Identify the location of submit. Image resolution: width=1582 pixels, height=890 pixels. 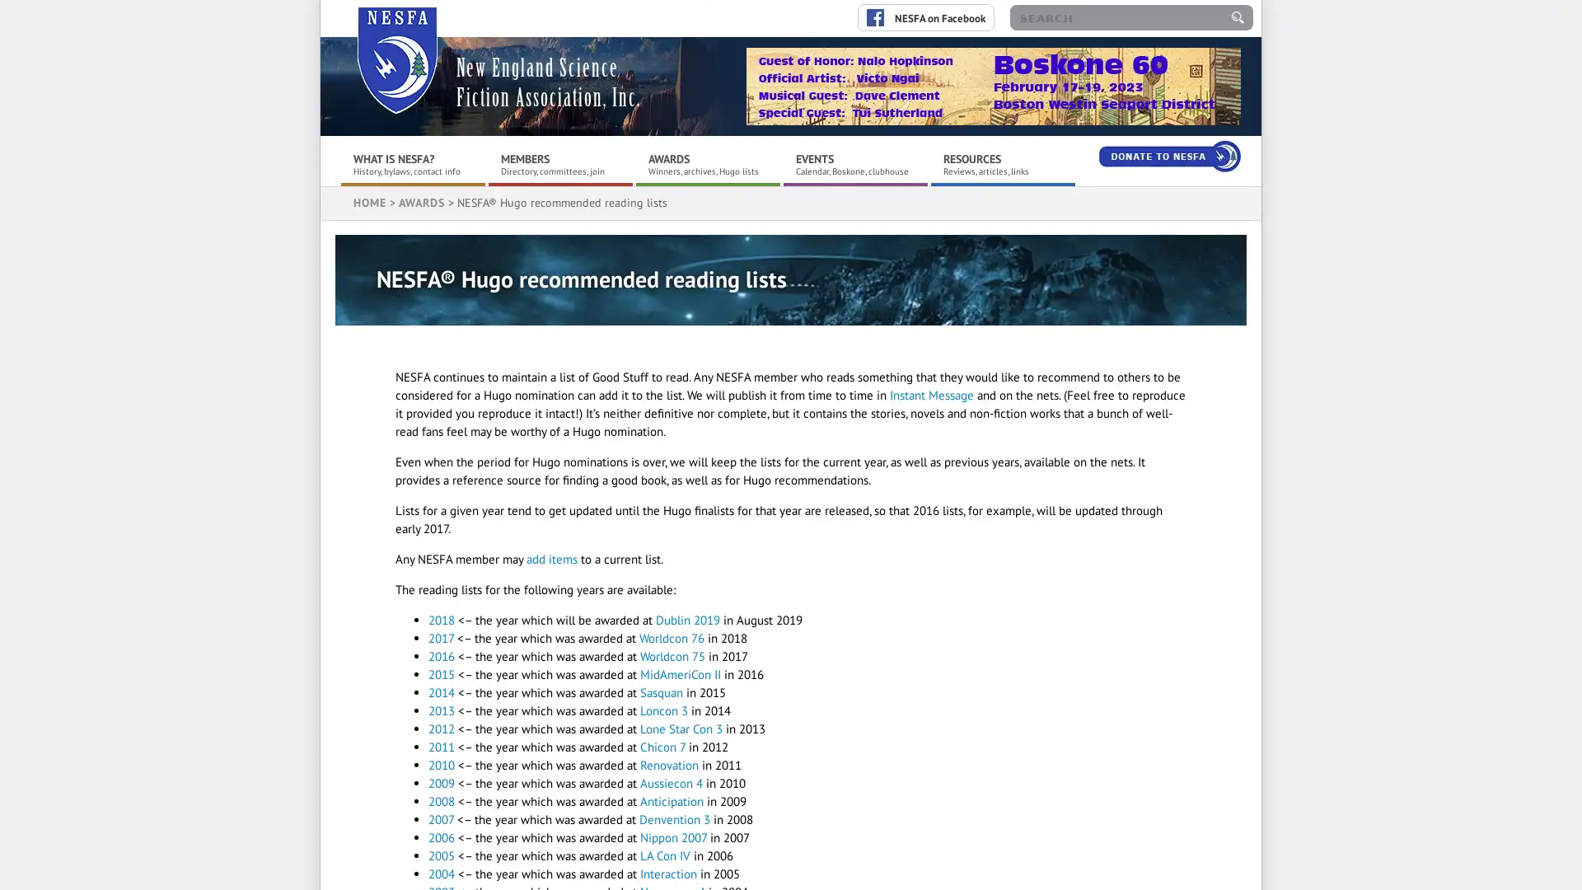
(1238, 17).